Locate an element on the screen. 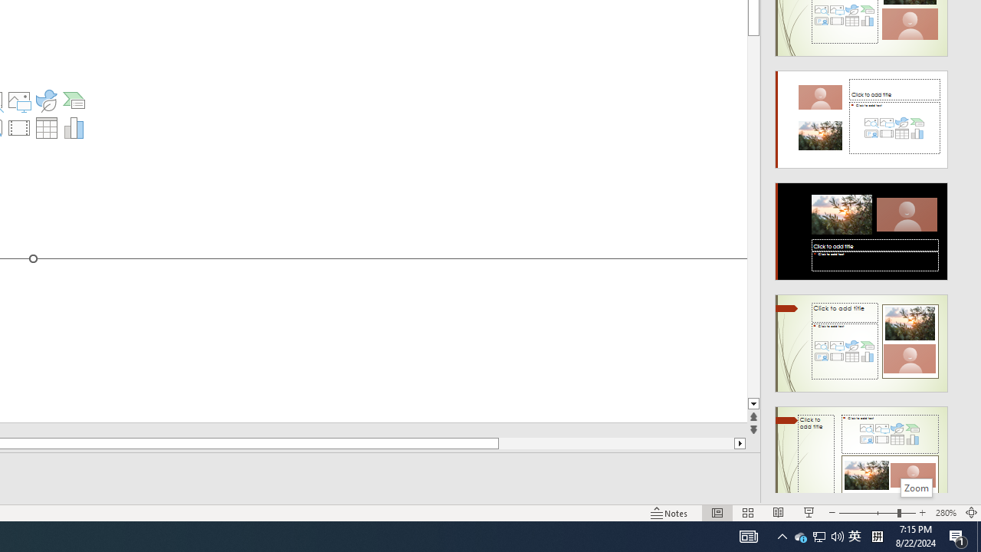  'Zoom In' is located at coordinates (922, 513).